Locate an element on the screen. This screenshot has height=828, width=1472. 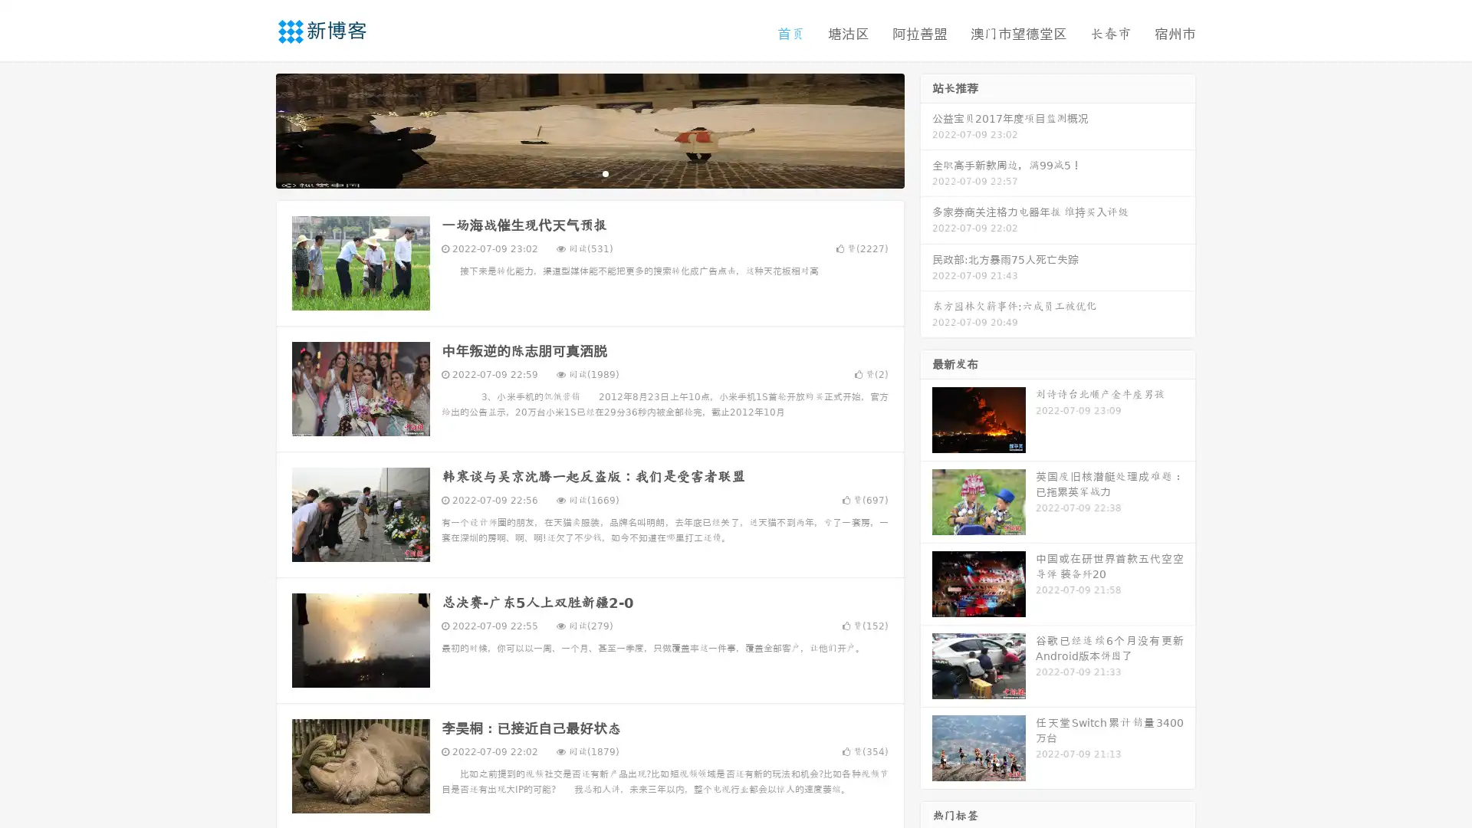
Go to slide 3 is located at coordinates (605, 172).